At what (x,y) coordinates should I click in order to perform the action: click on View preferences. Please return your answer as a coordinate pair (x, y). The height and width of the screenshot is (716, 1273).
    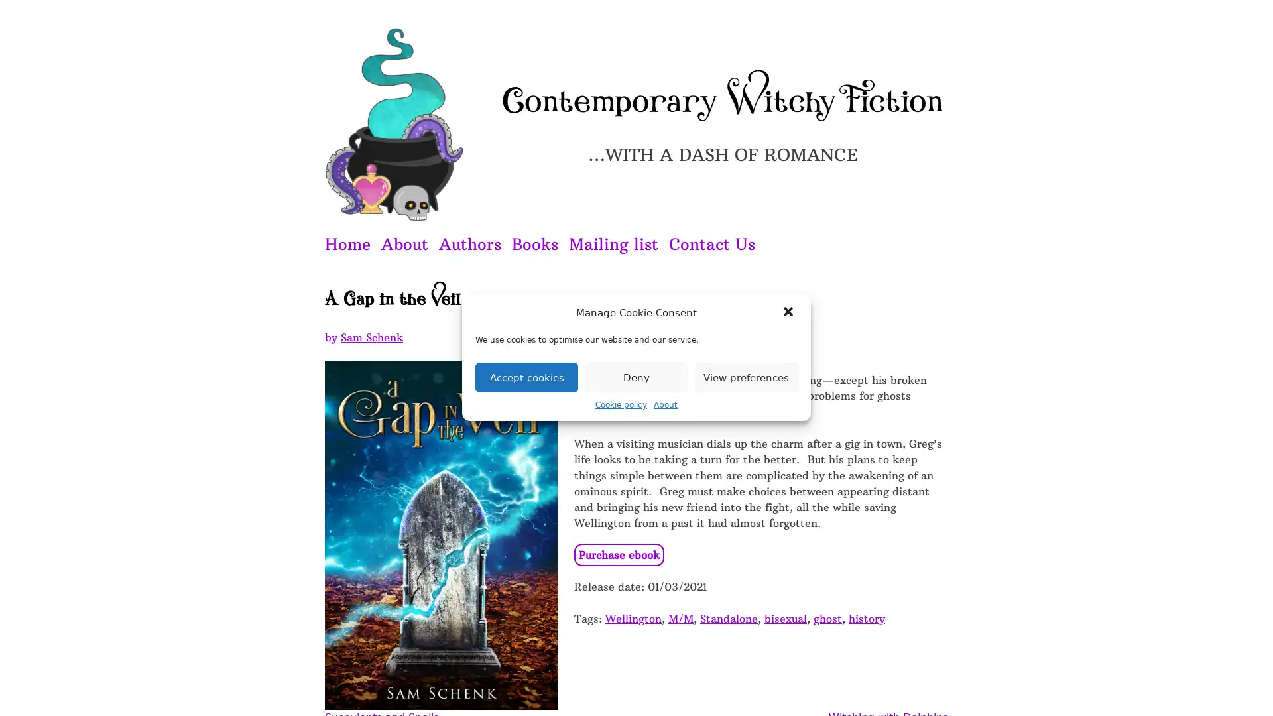
    Looking at the image, I should click on (745, 377).